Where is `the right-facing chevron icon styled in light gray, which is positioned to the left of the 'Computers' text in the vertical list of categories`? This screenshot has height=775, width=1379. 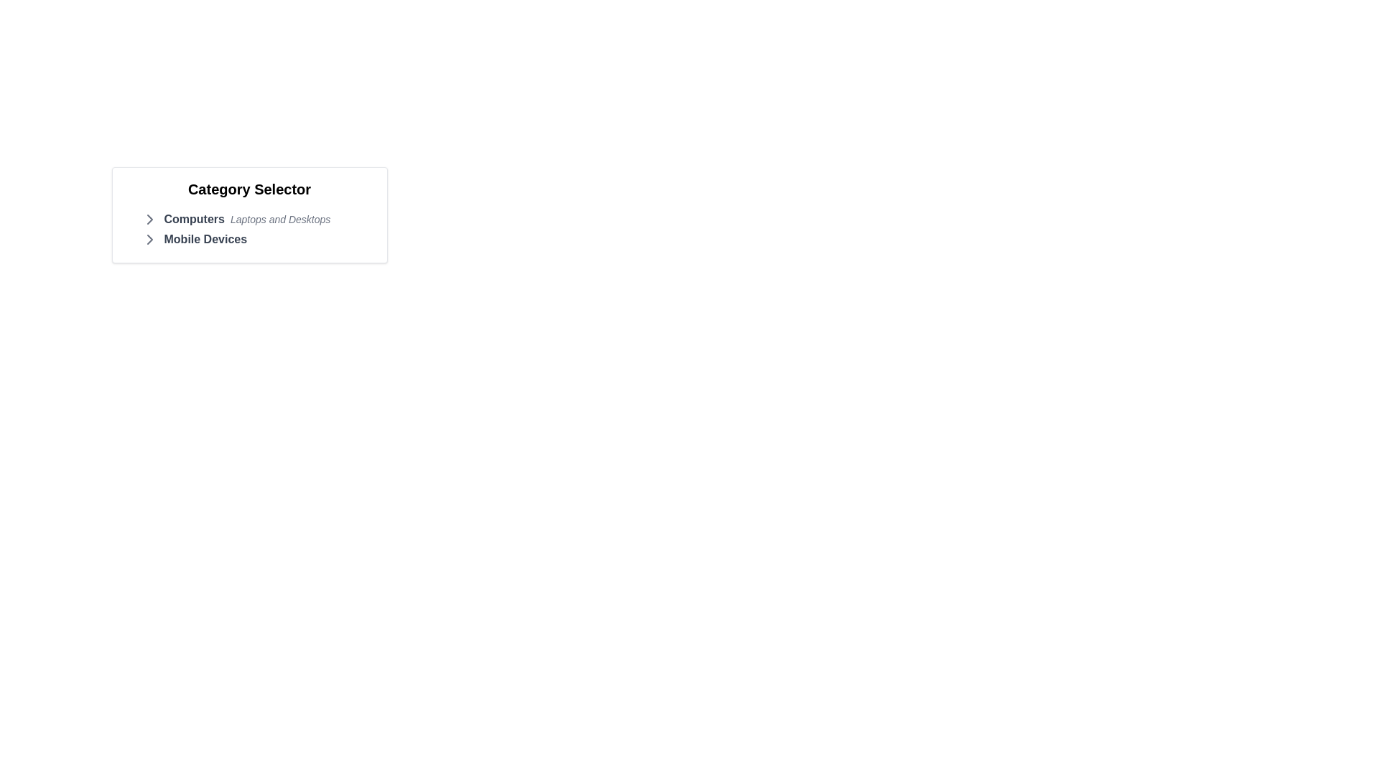 the right-facing chevron icon styled in light gray, which is positioned to the left of the 'Computers' text in the vertical list of categories is located at coordinates (149, 219).